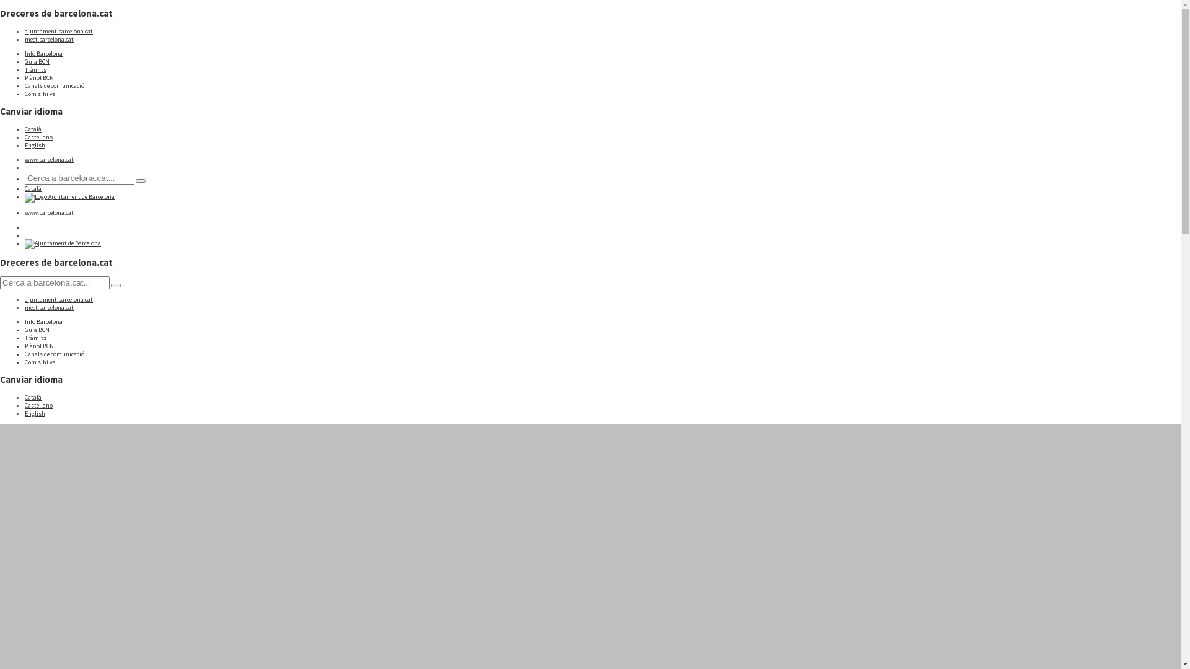  I want to click on 'Com s'hi va', so click(40, 362).